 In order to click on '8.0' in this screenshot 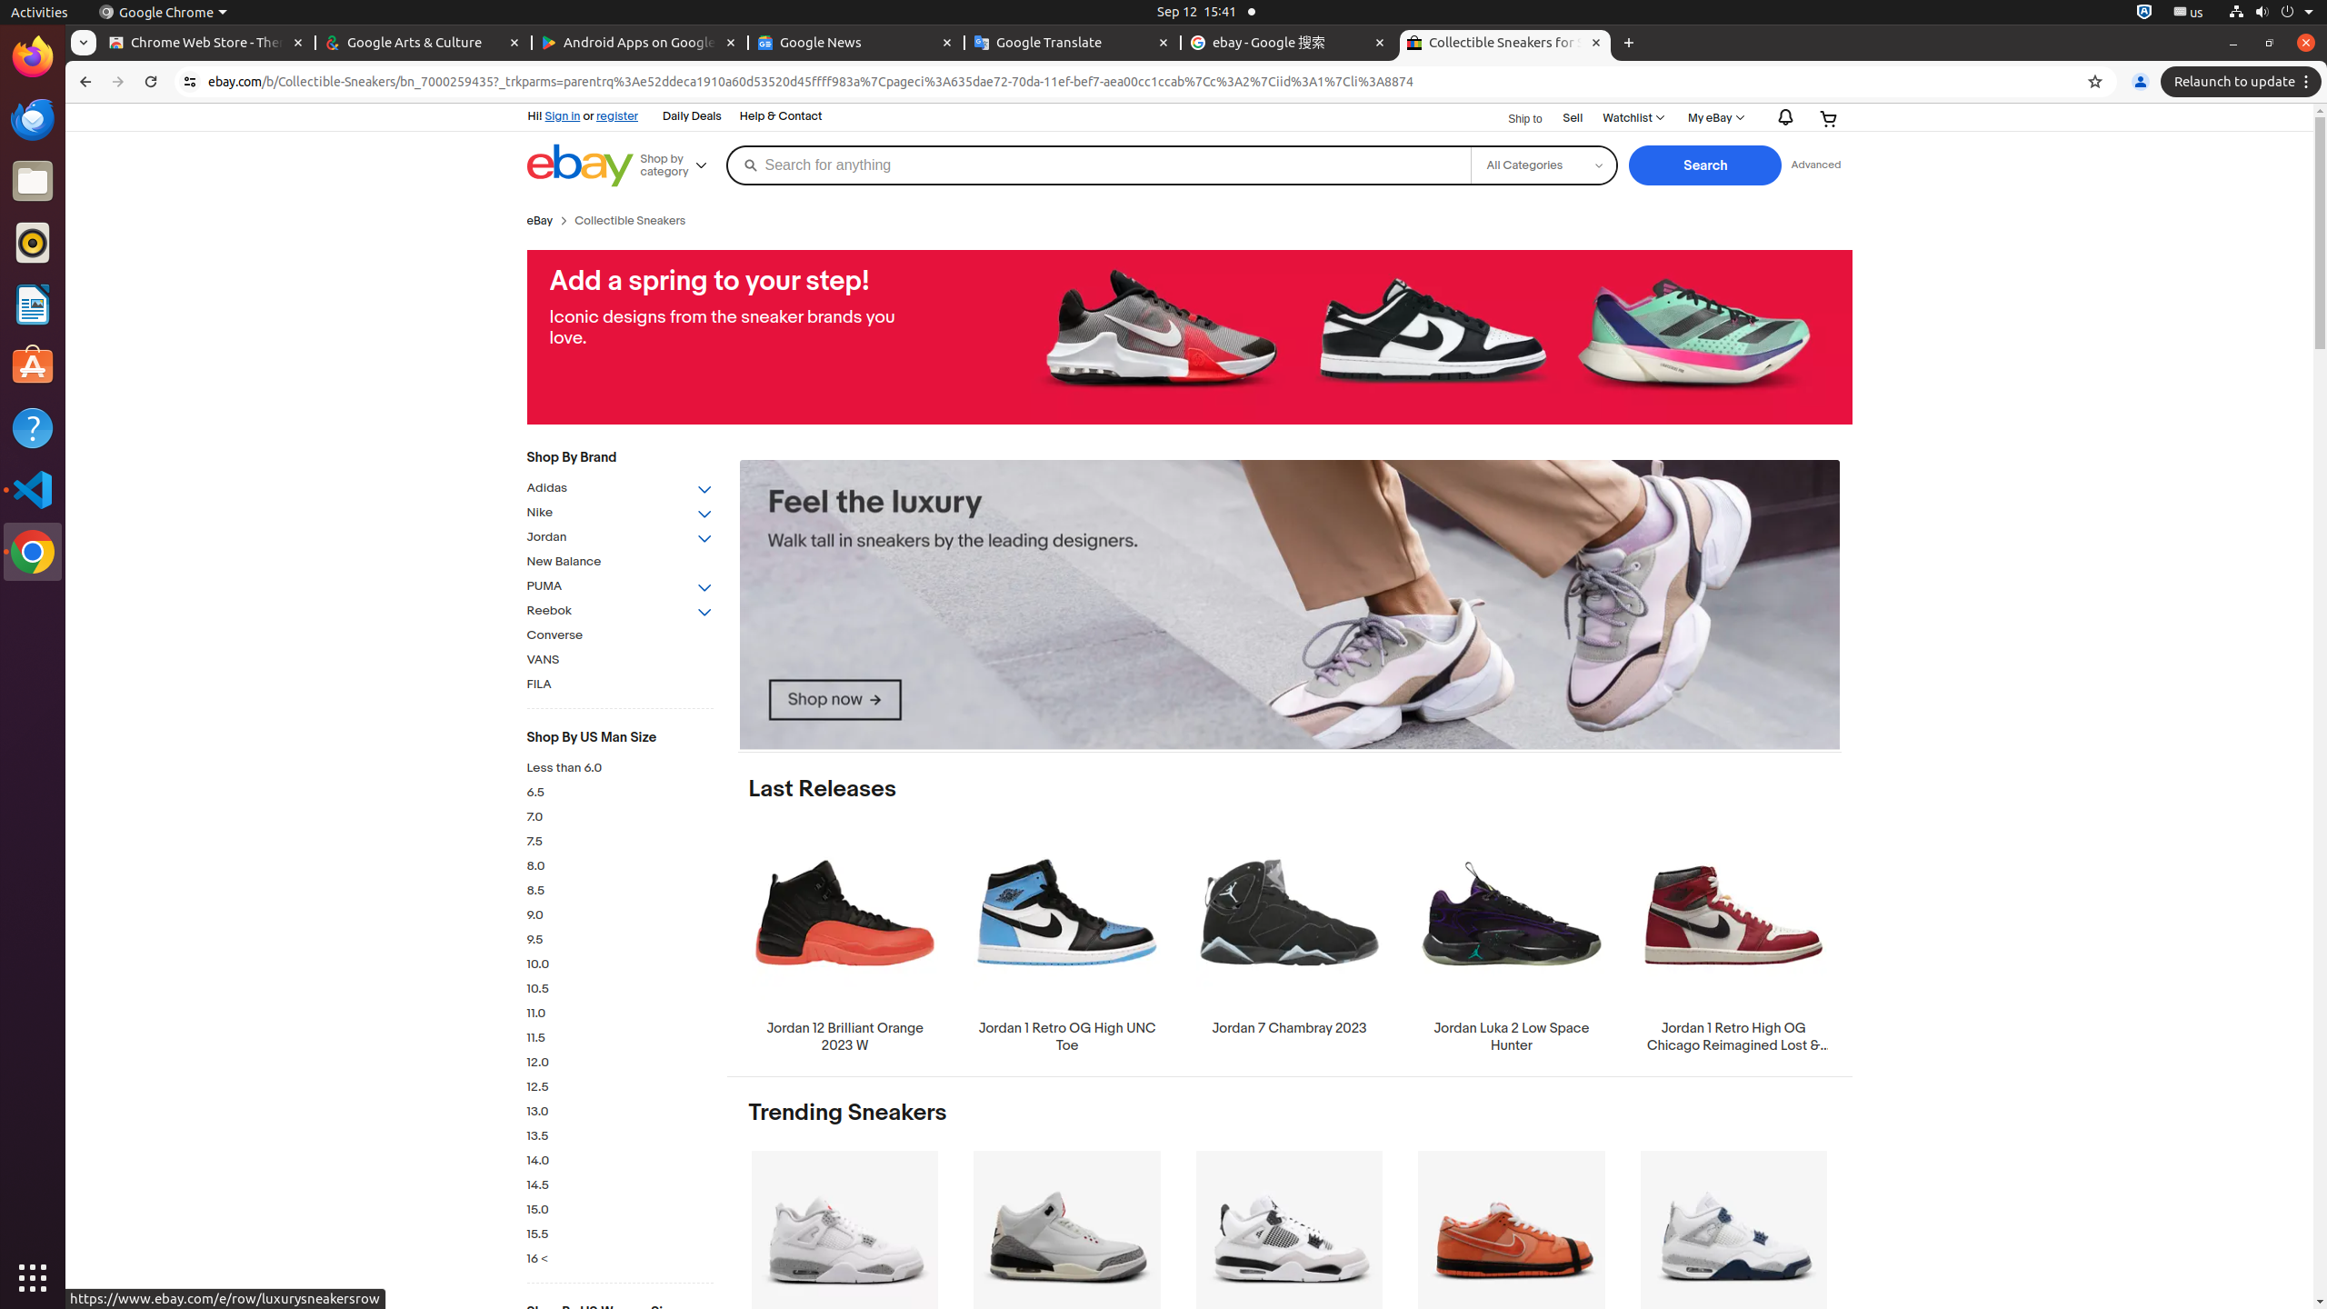, I will do `click(618, 866)`.